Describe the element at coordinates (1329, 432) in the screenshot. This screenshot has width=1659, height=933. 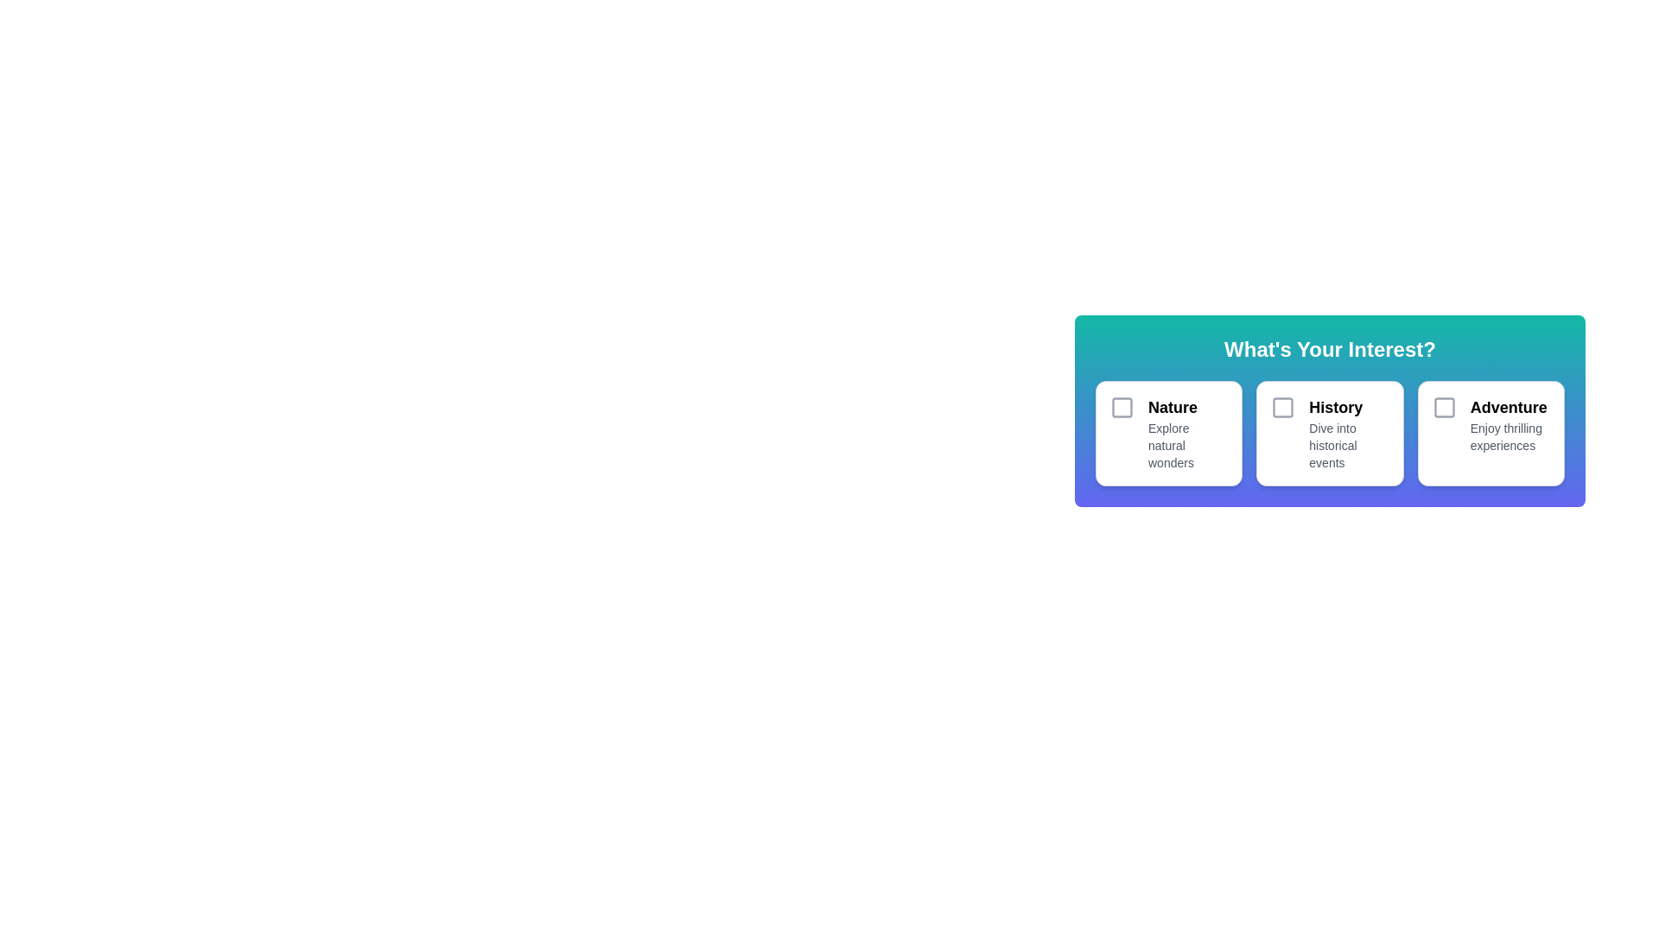
I see `the second panel labeled 'History' in the grid layout` at that location.